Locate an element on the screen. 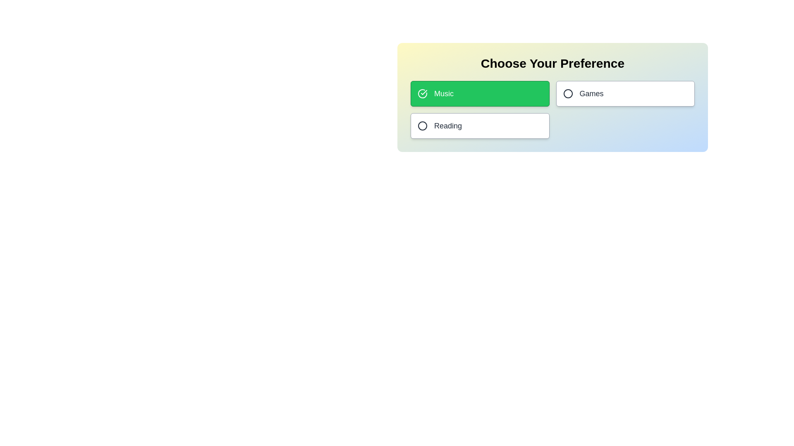 This screenshot has width=794, height=446. the icon indicating the checked or selected state for the 'Music' category, located to the left of the 'Music' text within the green button labeled 'Music' is located at coordinates (423, 93).